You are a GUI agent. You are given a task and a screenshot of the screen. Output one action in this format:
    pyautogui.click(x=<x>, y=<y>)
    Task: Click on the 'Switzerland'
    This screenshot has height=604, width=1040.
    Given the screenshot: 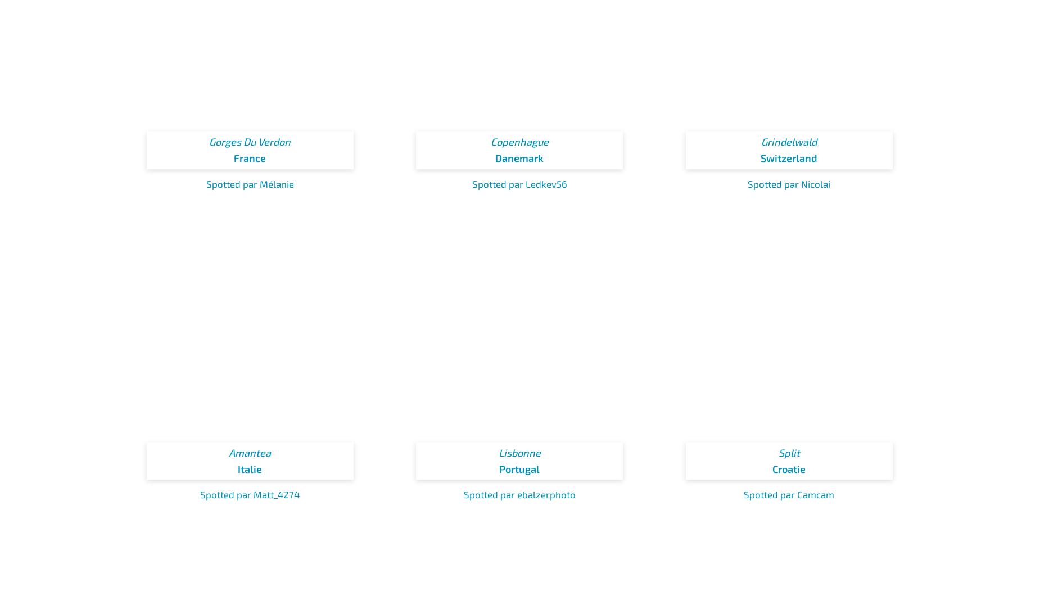 What is the action you would take?
    pyautogui.click(x=789, y=157)
    